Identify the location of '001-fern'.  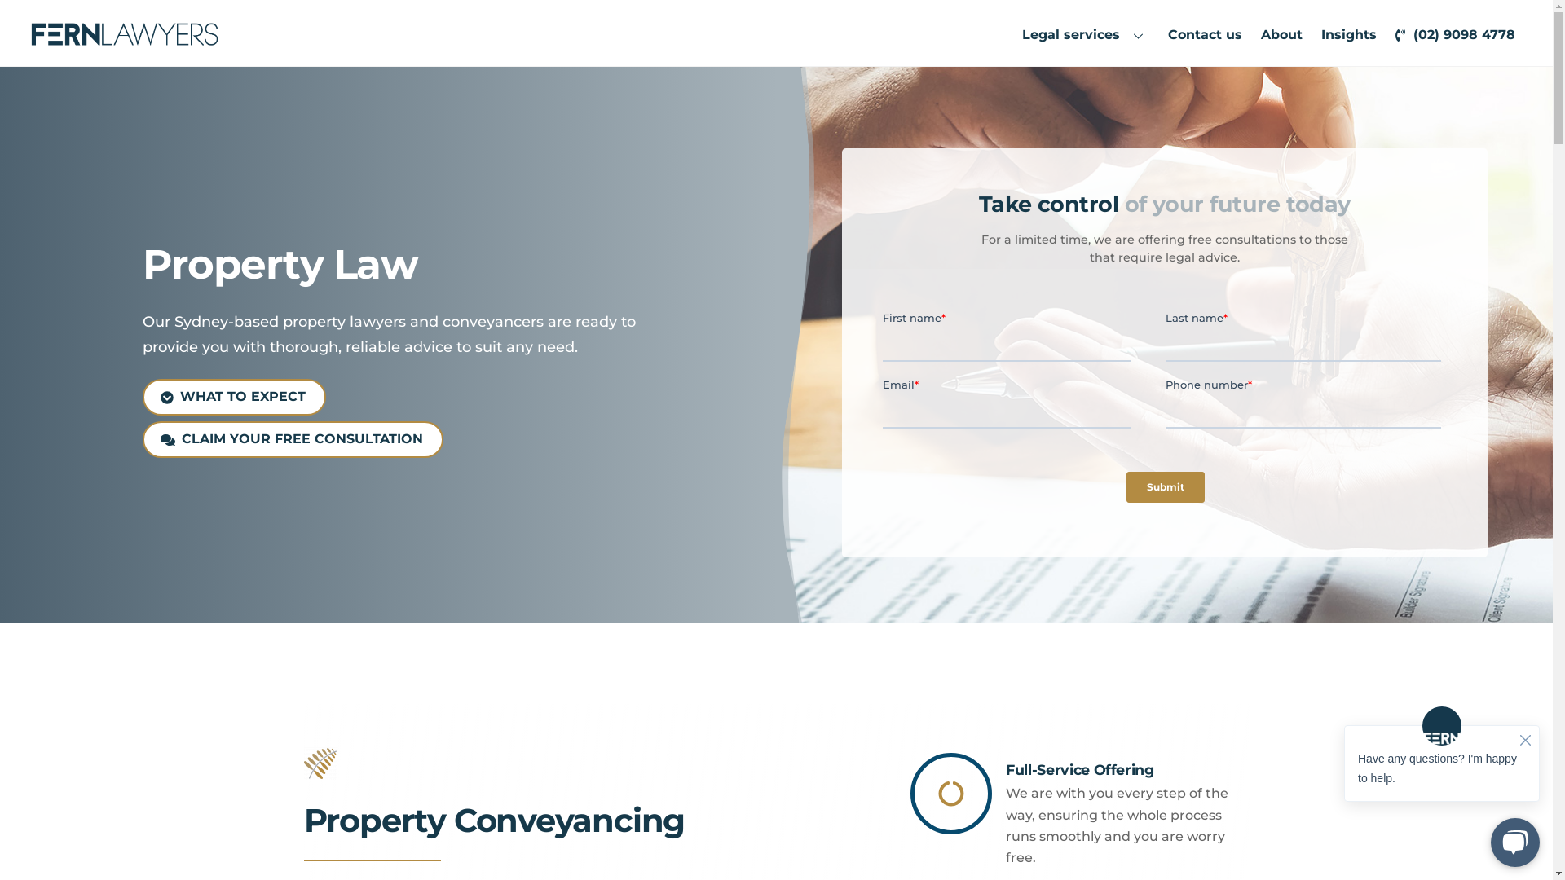
(320, 763).